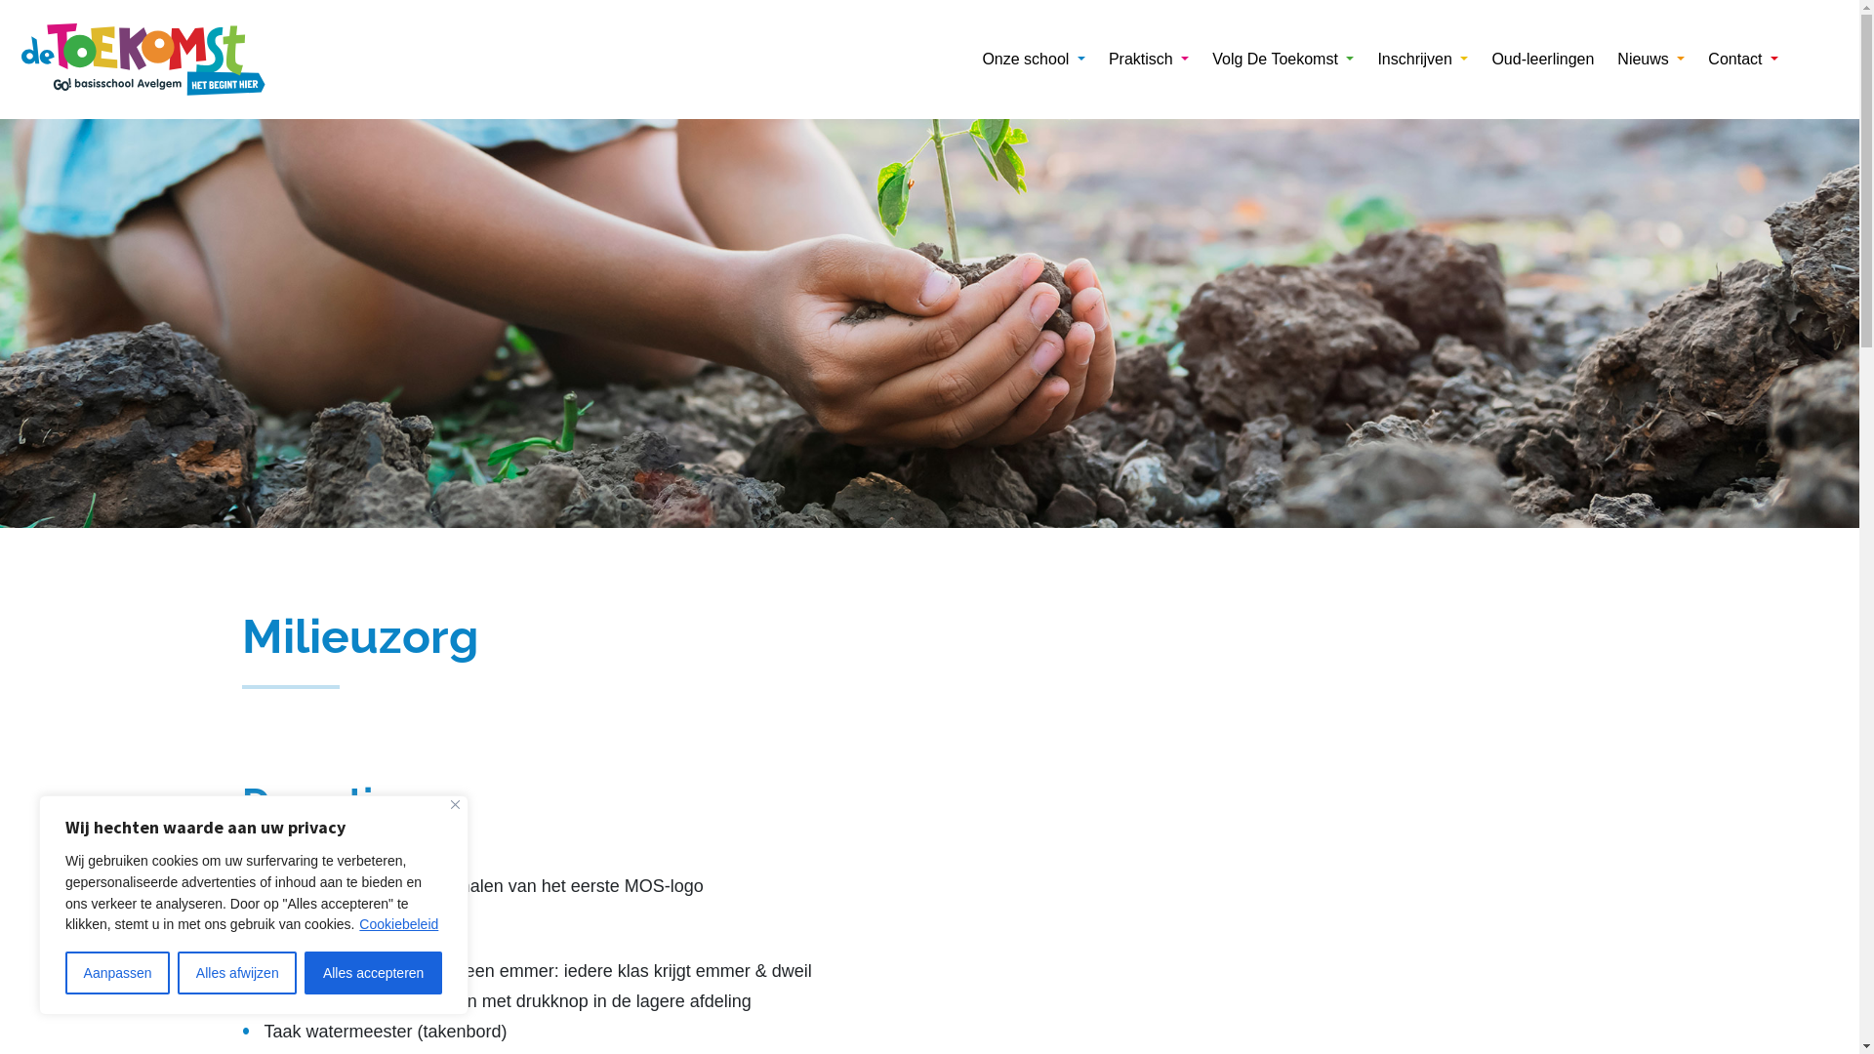  Describe the element at coordinates (116, 972) in the screenshot. I see `'Aanpassen'` at that location.